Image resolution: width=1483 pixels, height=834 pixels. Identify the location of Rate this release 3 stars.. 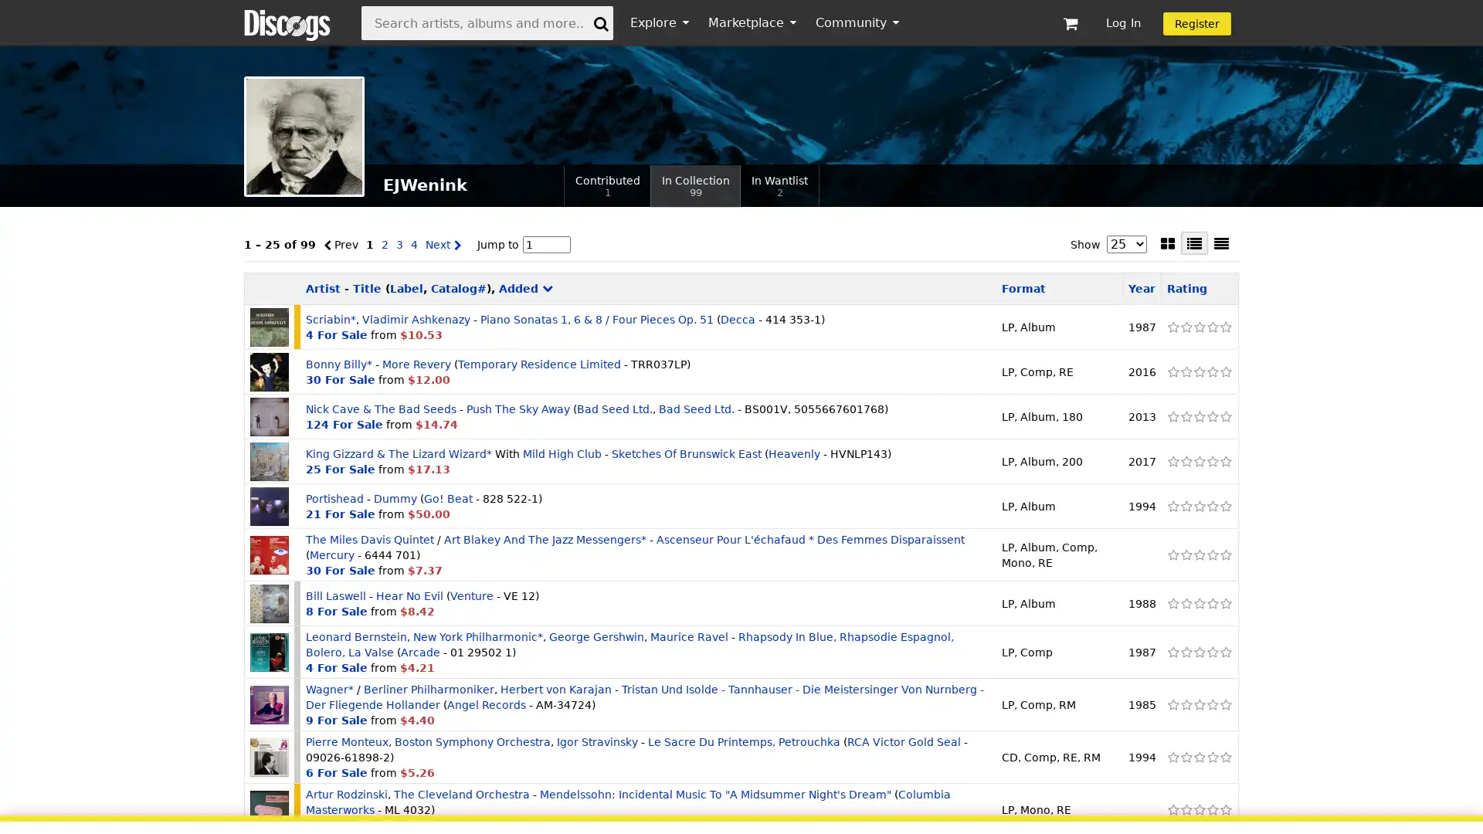
(1198, 756).